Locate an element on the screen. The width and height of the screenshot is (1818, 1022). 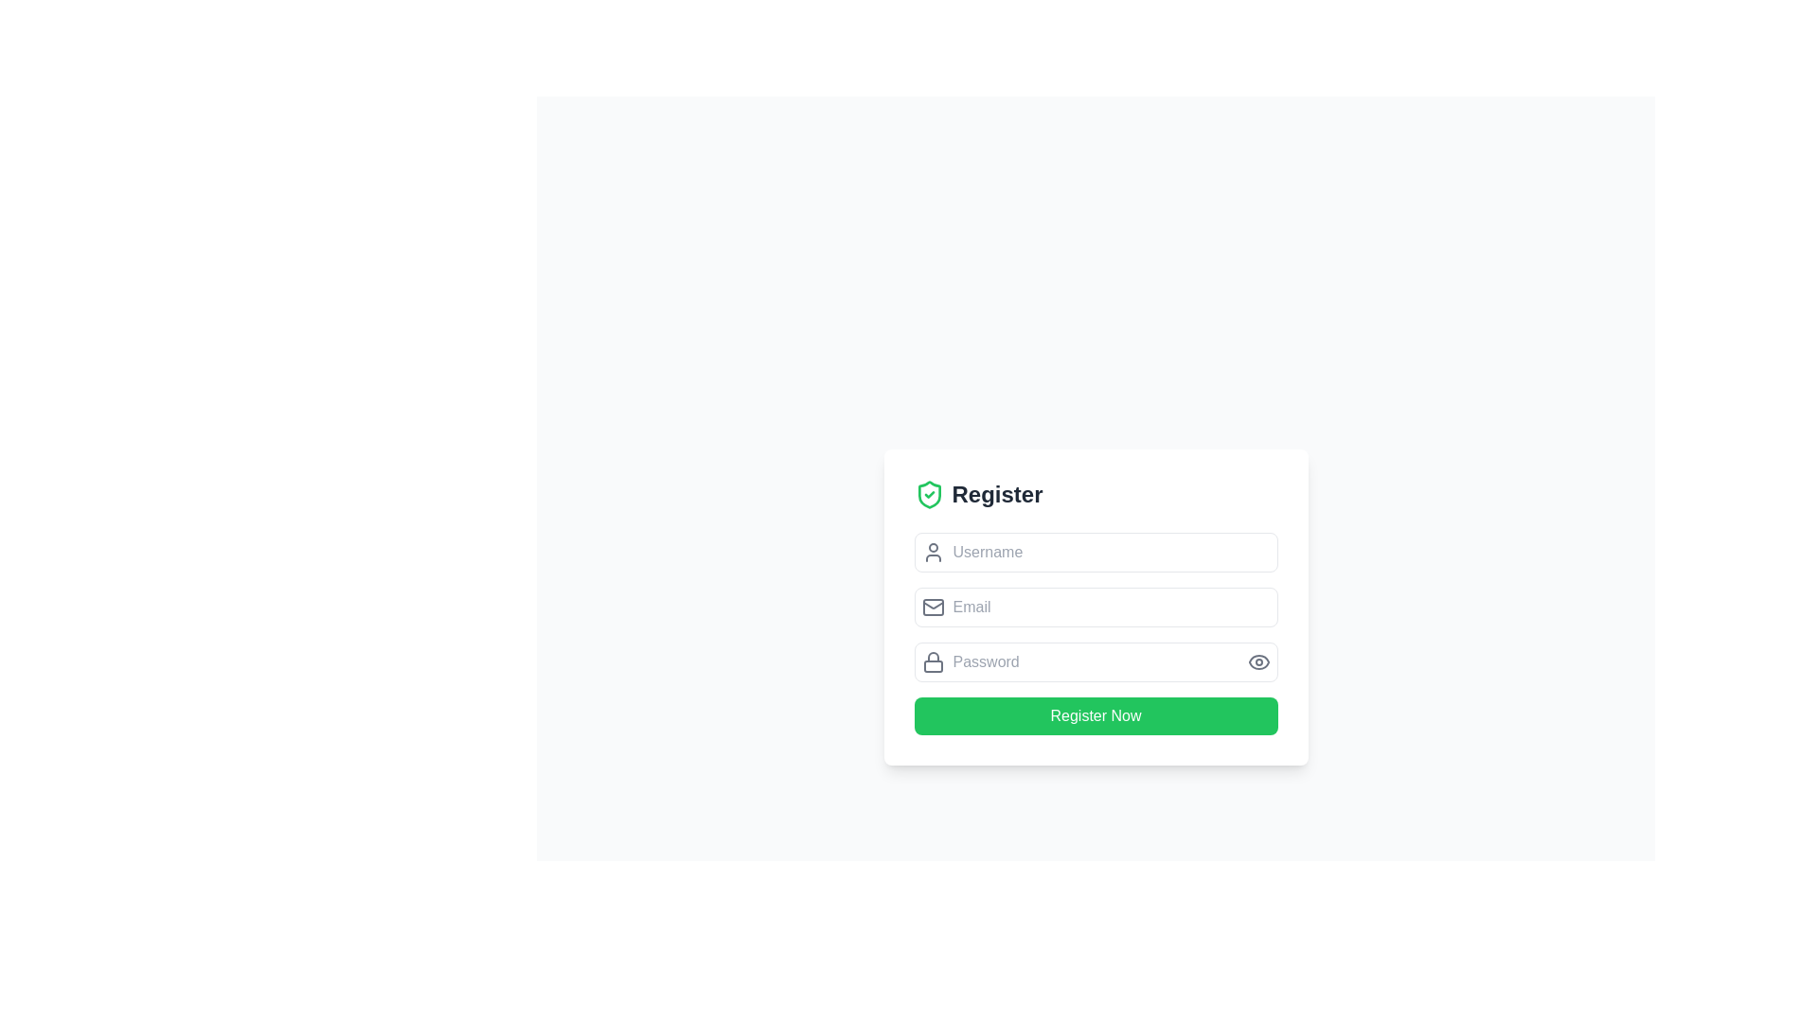
the email icon located to the left of the 'Email' text input field in the registration form interface is located at coordinates (933, 607).